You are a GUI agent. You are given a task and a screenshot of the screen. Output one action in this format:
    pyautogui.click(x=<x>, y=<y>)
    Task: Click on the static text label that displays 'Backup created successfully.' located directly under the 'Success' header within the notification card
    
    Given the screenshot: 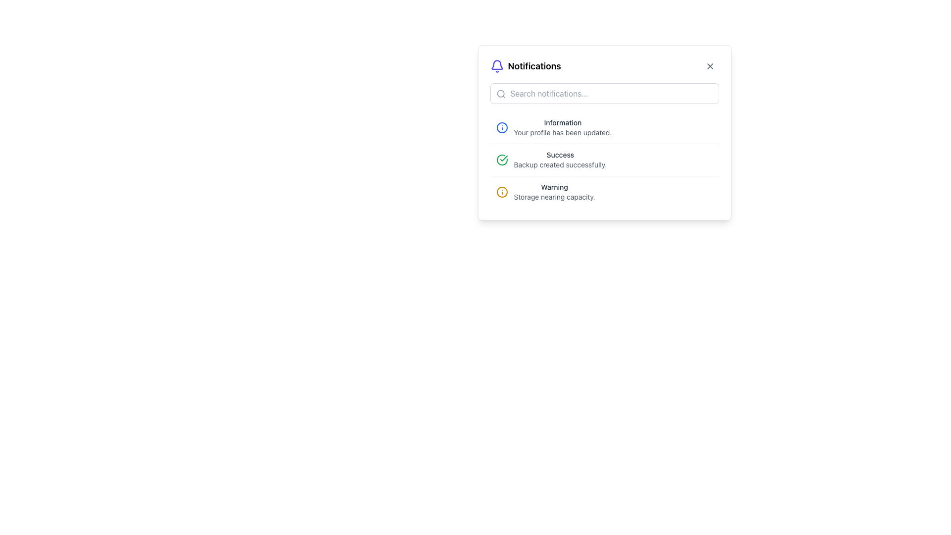 What is the action you would take?
    pyautogui.click(x=560, y=164)
    